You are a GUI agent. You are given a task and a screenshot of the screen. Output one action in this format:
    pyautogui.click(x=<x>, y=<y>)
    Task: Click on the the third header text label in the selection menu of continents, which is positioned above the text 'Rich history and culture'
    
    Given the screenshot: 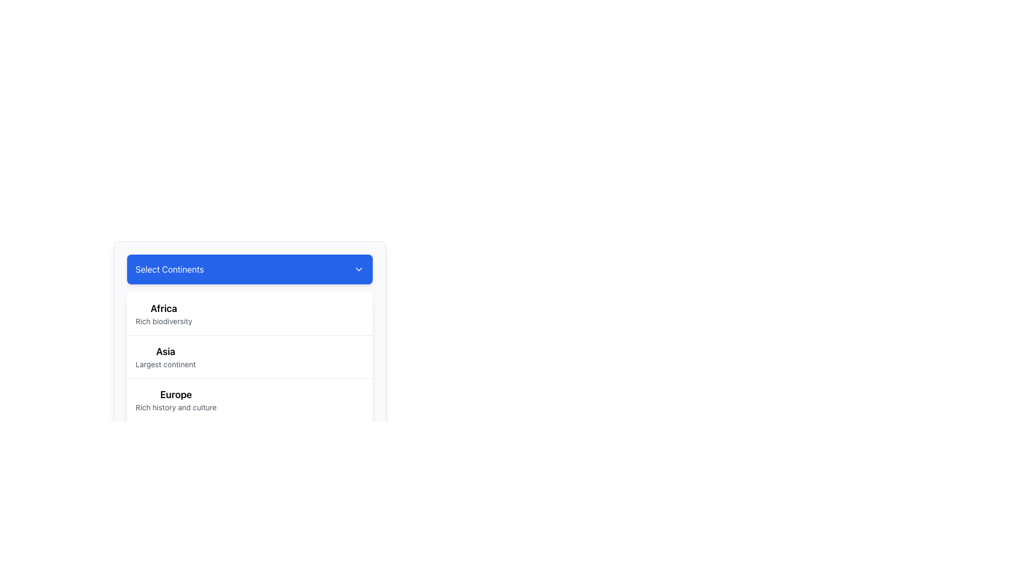 What is the action you would take?
    pyautogui.click(x=176, y=395)
    